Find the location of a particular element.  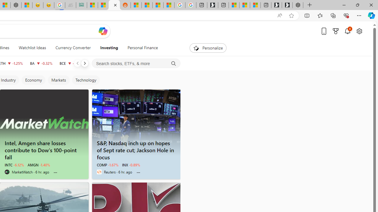

'MarketWatch' is located at coordinates (7, 172).